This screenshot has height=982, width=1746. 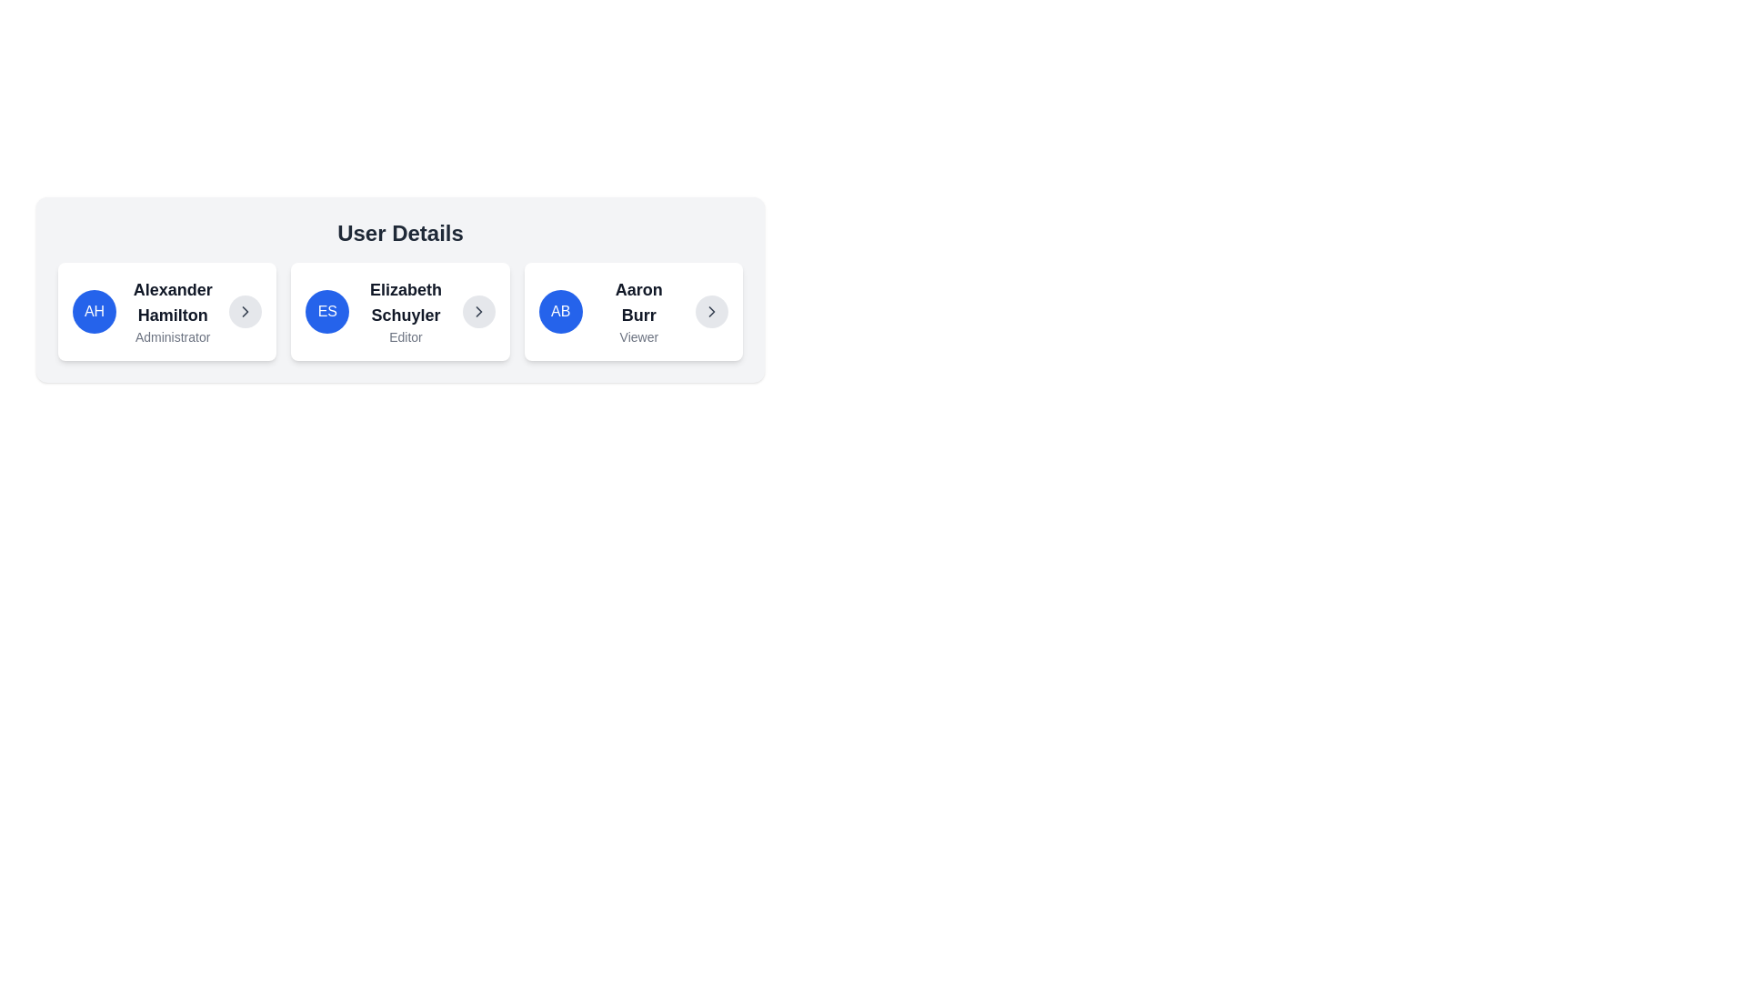 I want to click on the small circular button with a gray background and a right-pointing arrow icon located in the top-right corner of the card displaying information about 'Aaron Burr', so click(x=710, y=311).